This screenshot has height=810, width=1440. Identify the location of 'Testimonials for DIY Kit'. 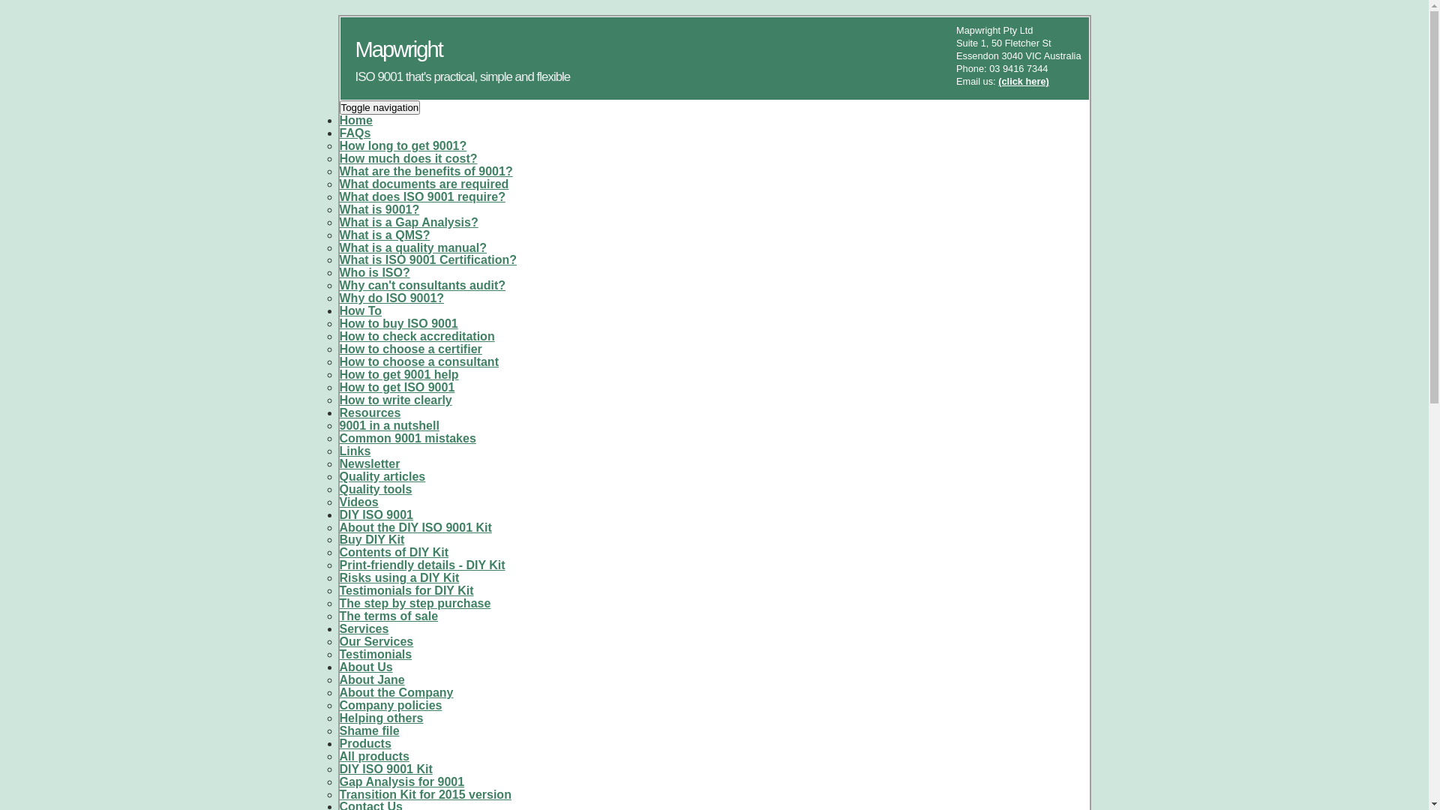
(406, 589).